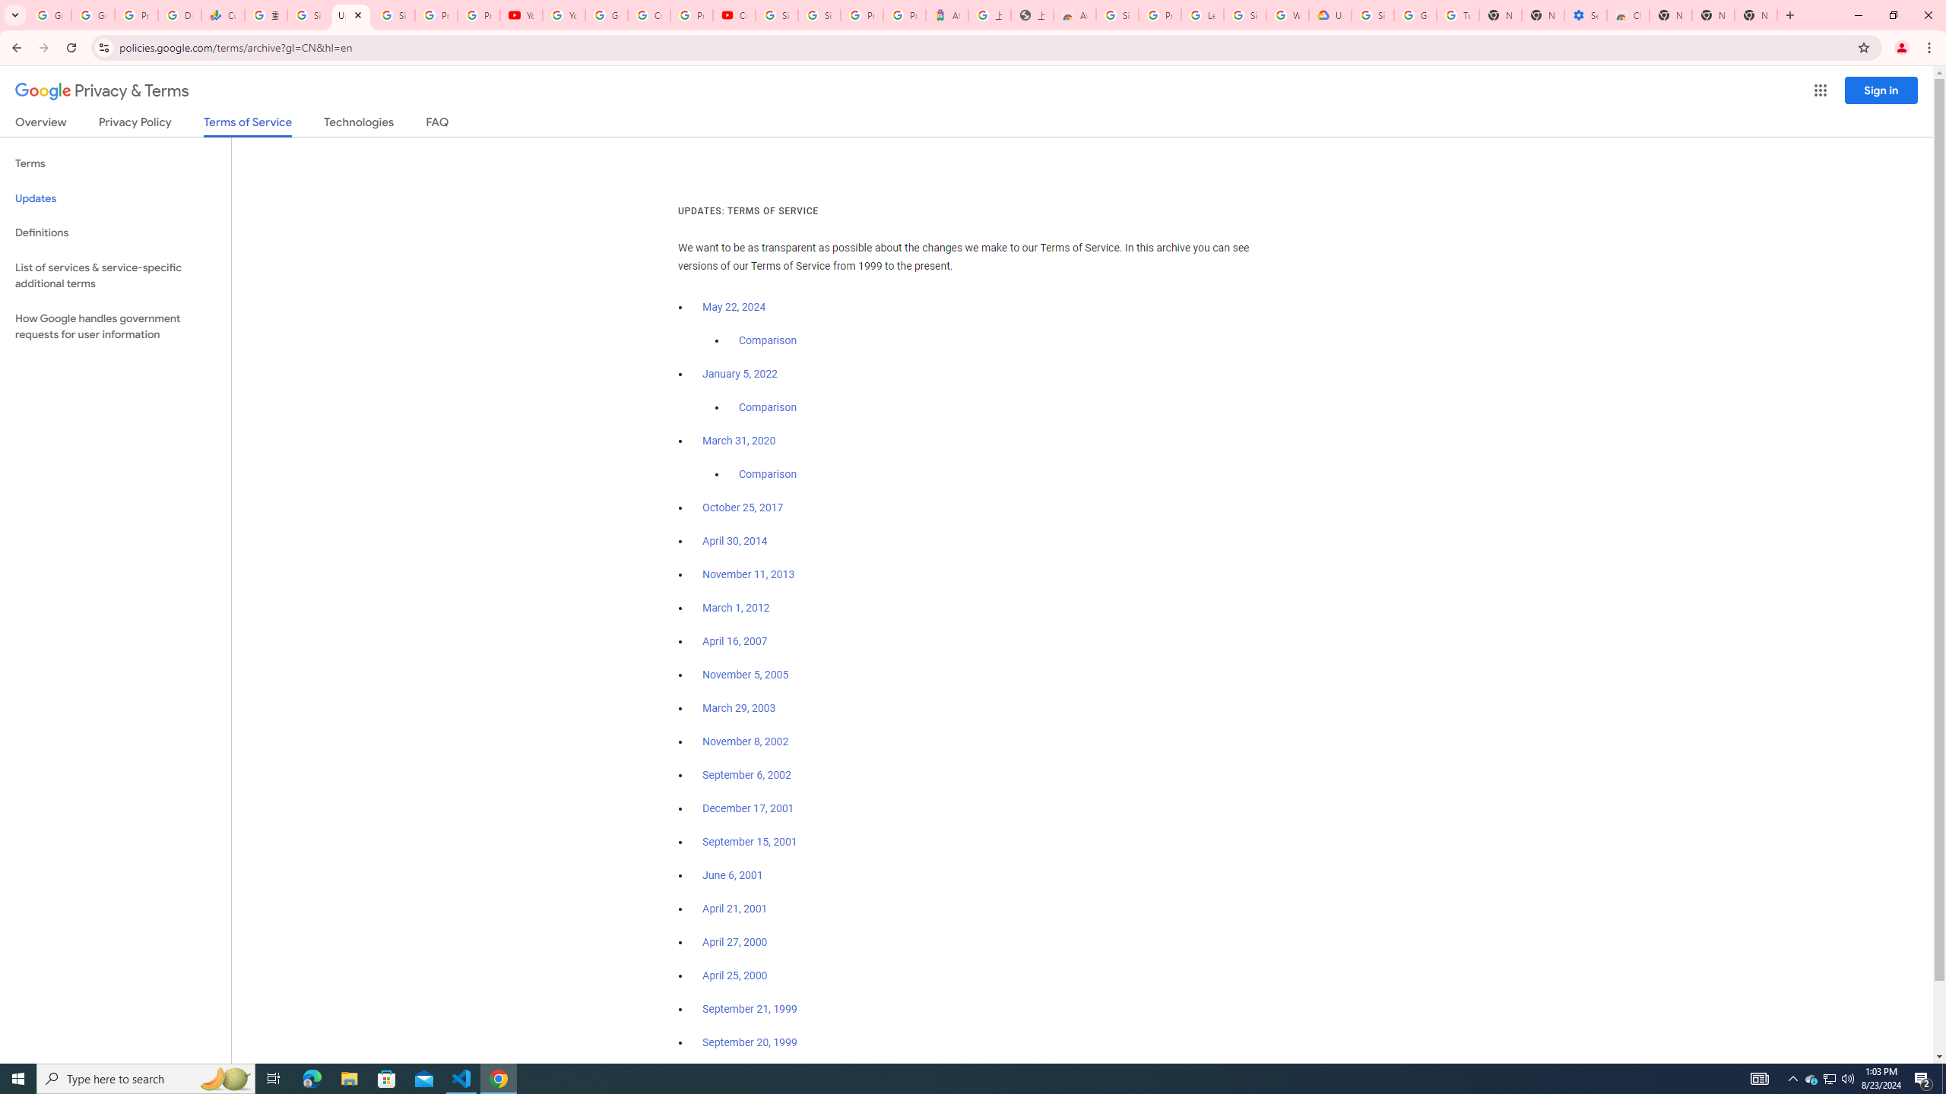  I want to click on 'September 6, 2002', so click(746, 774).